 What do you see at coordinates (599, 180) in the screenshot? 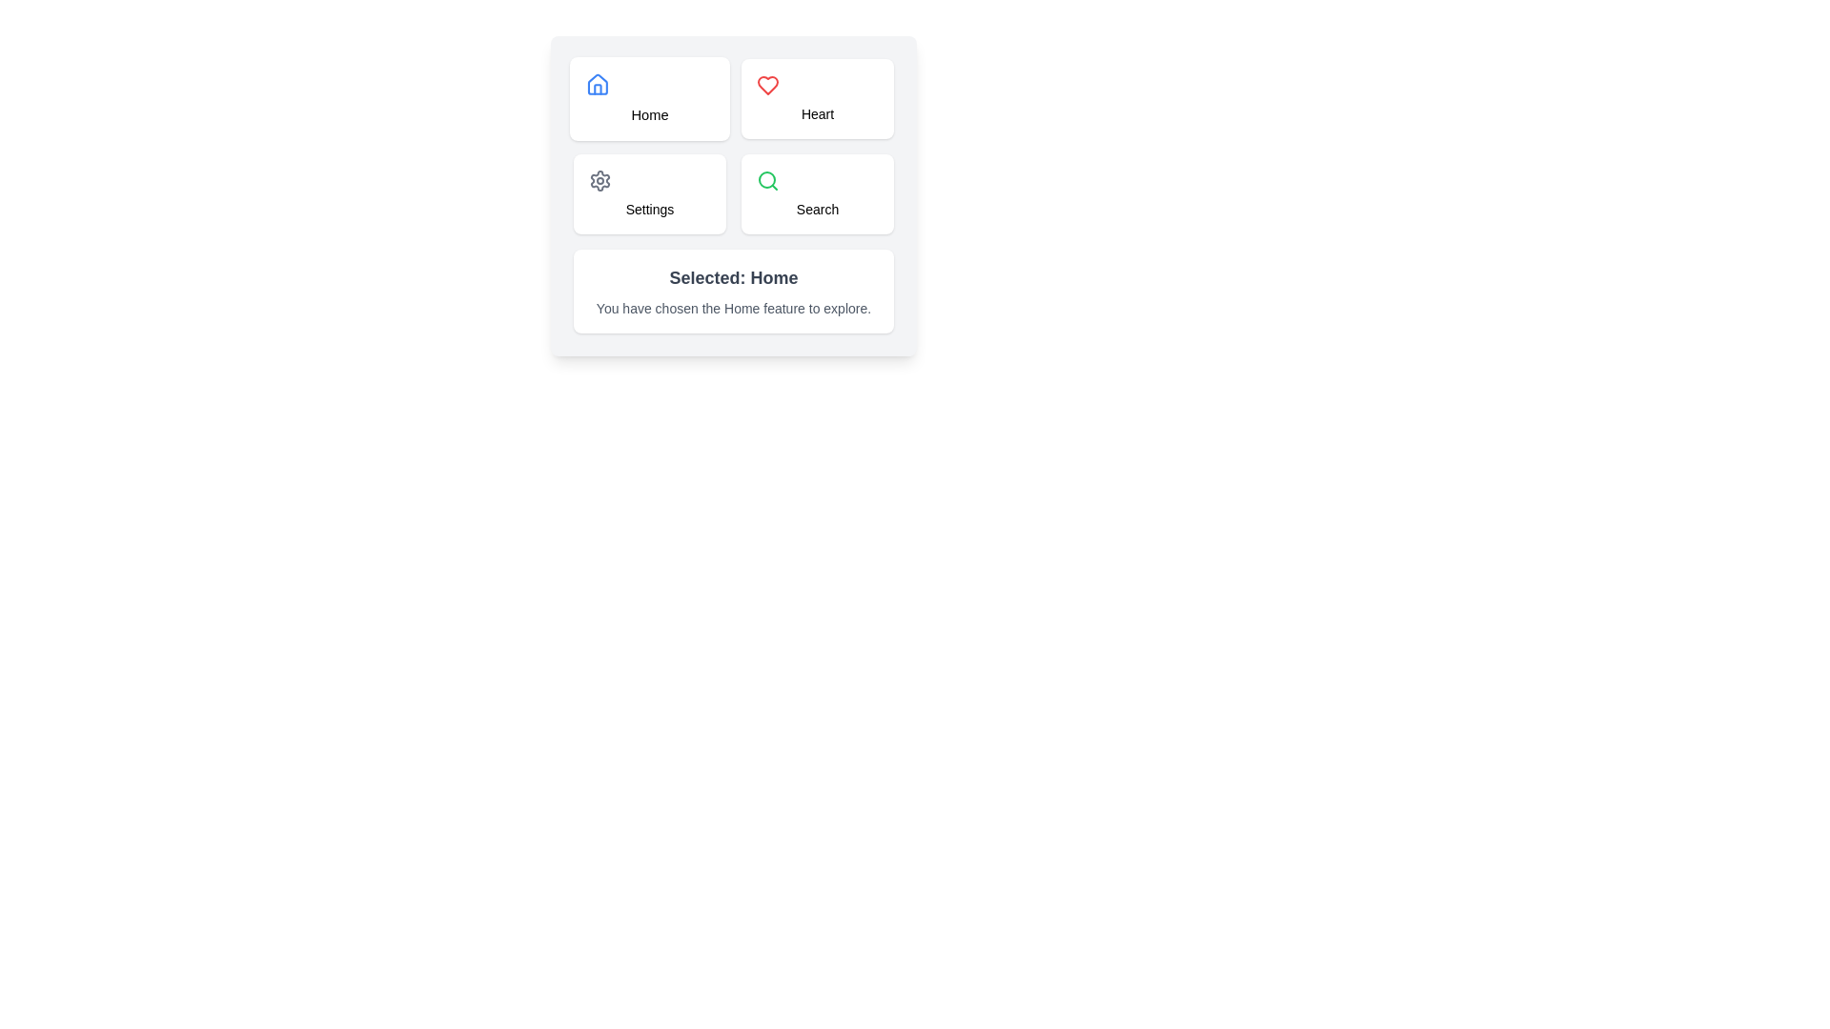
I see `the settings gear icon, which is a vector graphic representation featuring a circular center and protruding fins, located in the bottom-left quadrant of the navigation options` at bounding box center [599, 180].